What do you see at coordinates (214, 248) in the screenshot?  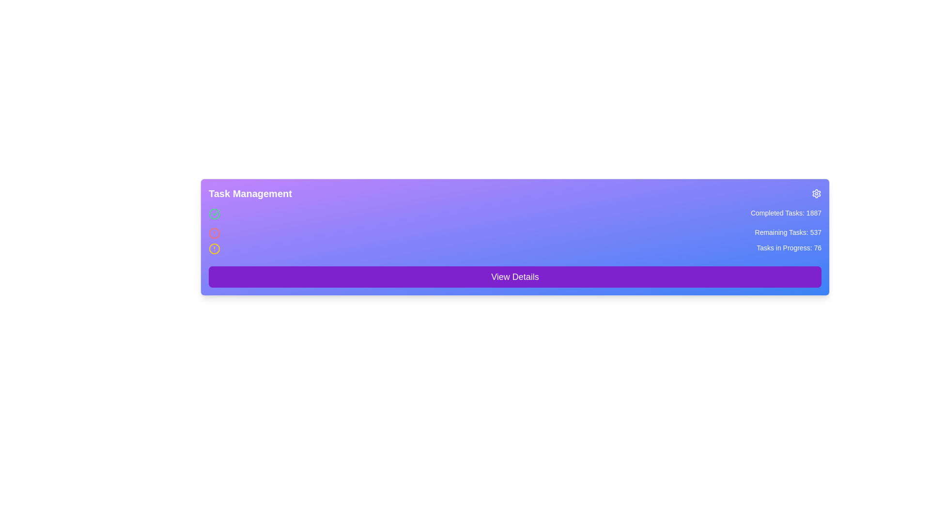 I see `the status of the alert icon with a yellow border and a vertical line inside it, located to the left of the text 'Tasks in Progress: 76'` at bounding box center [214, 248].